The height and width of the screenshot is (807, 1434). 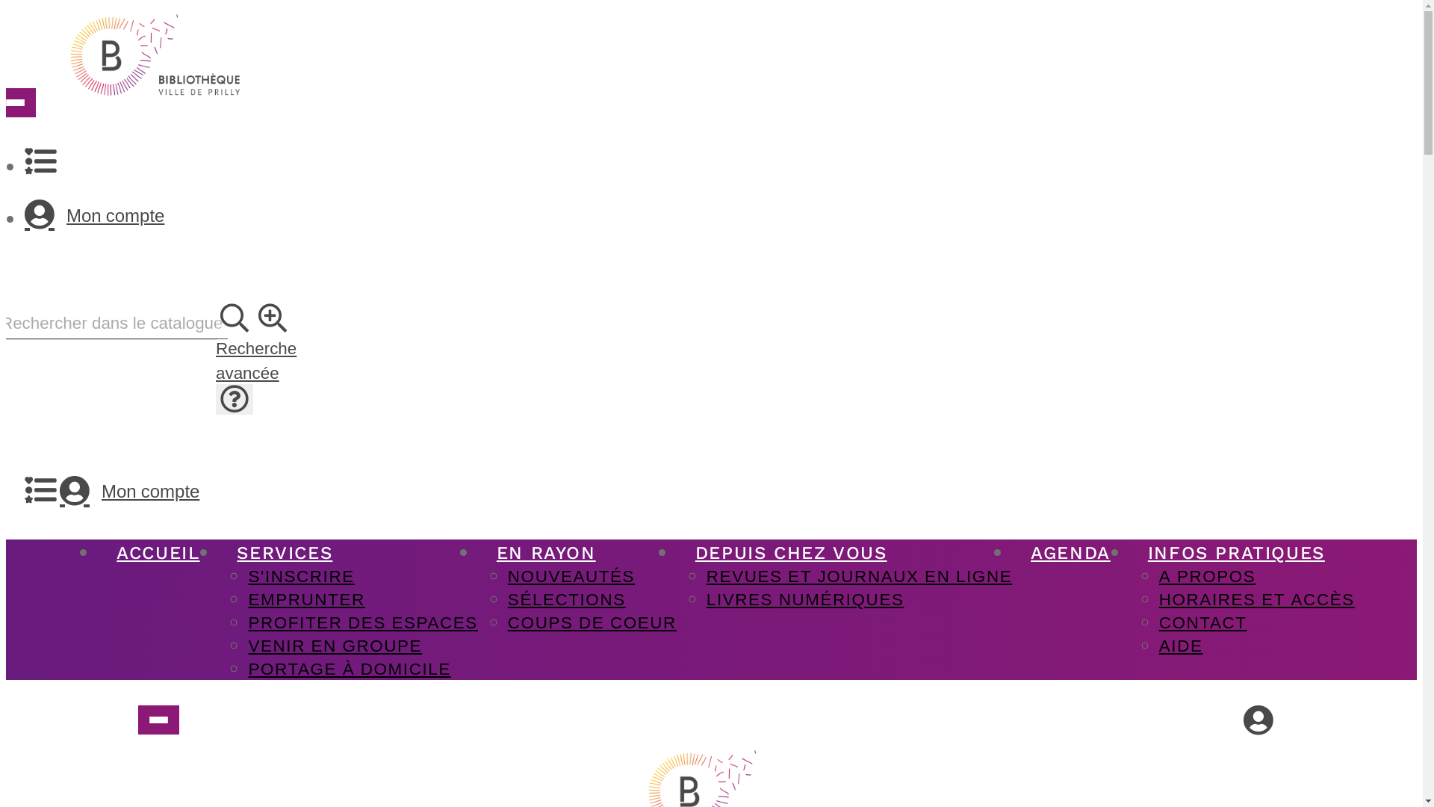 I want to click on 'EN RAYON', so click(x=545, y=553).